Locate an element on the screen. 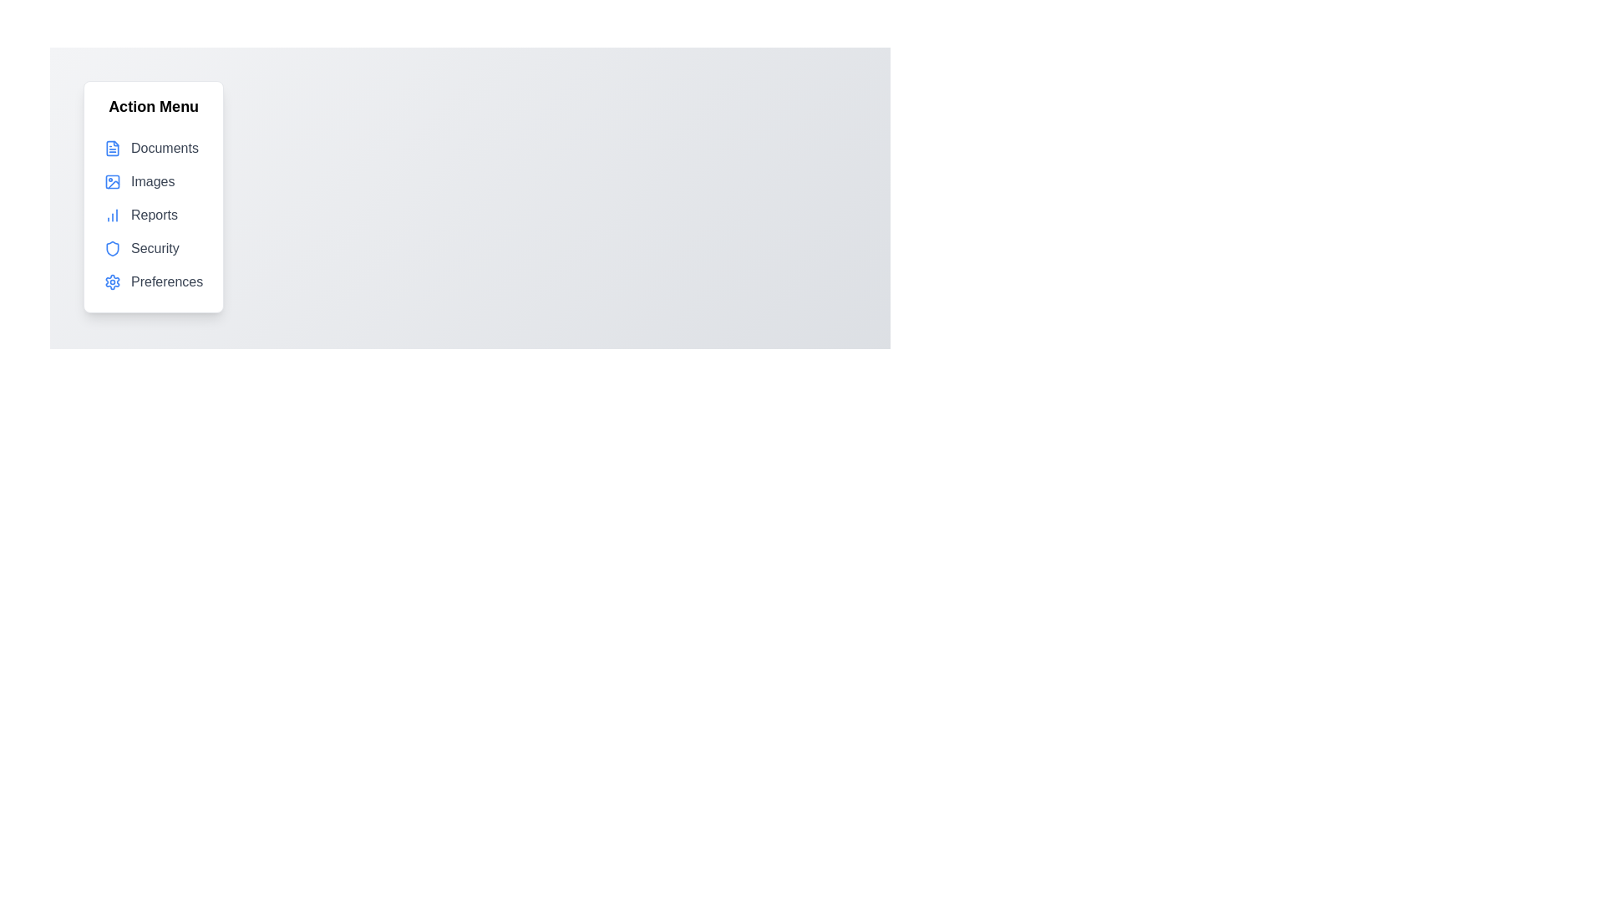  the menu item labeled Reports is located at coordinates (153, 215).